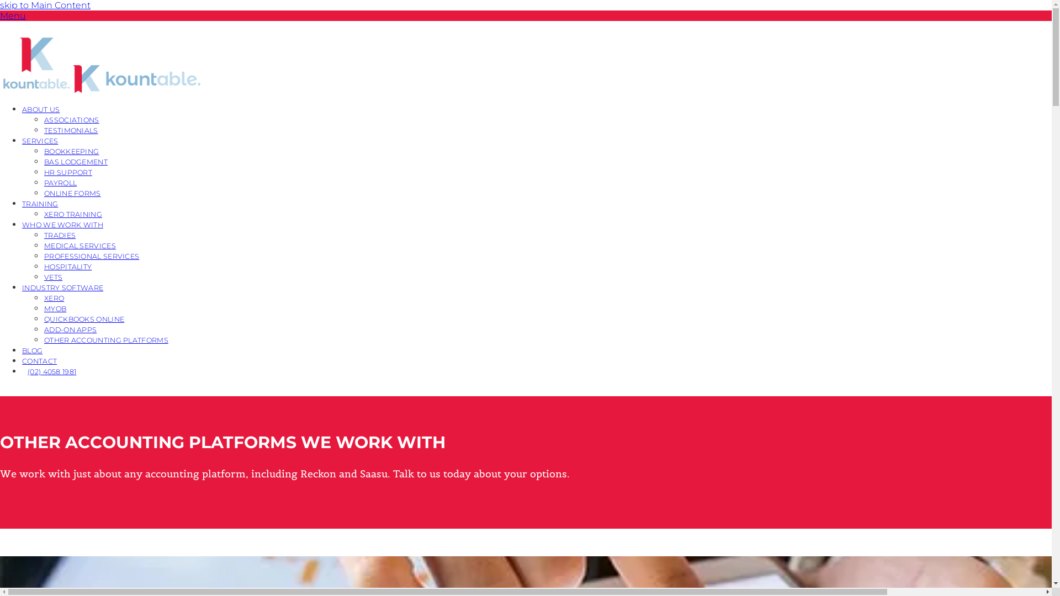  I want to click on 'MYOB', so click(44, 308).